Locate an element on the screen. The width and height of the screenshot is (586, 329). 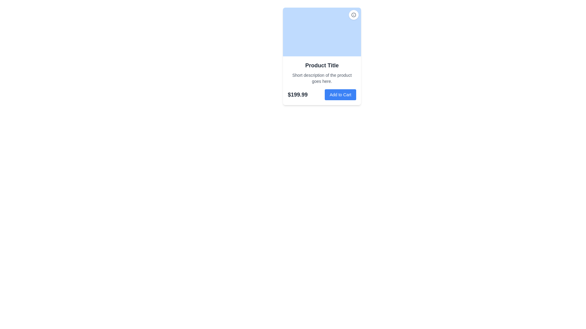
the Text Label that displays the price of a product, positioned to the left of the 'Add to Cart' button is located at coordinates (298, 95).